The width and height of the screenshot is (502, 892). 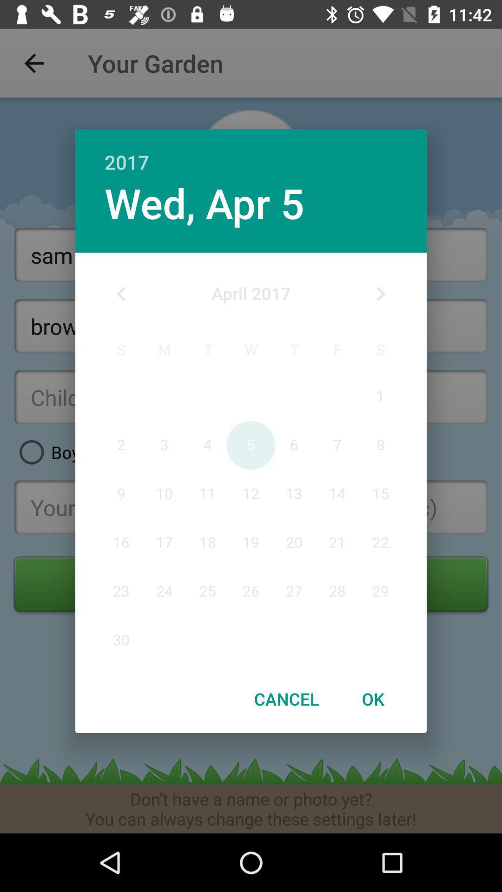 What do you see at coordinates (372, 699) in the screenshot?
I see `ok` at bounding box center [372, 699].